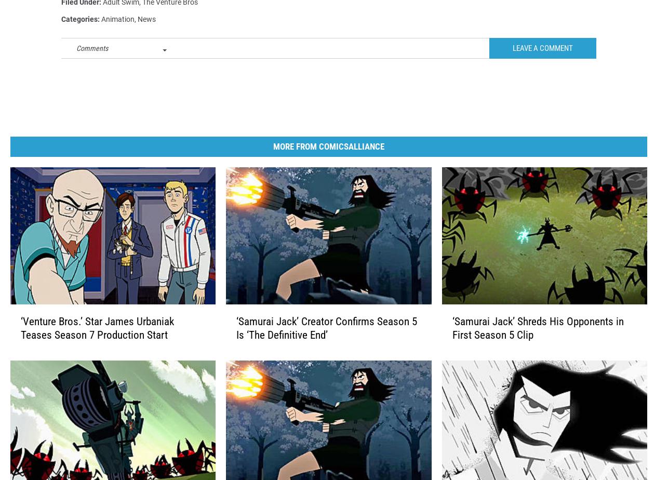  I want to click on '‘Venture Bros.’ Star James Urbaniak Teases Season 7 Production Start', so click(97, 344).